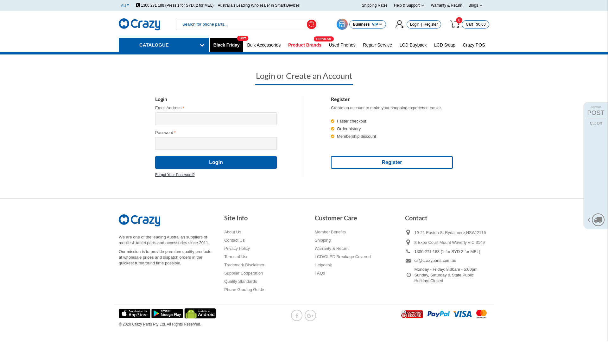 The width and height of the screenshot is (608, 342). What do you see at coordinates (330, 232) in the screenshot?
I see `'Member Benefits'` at bounding box center [330, 232].